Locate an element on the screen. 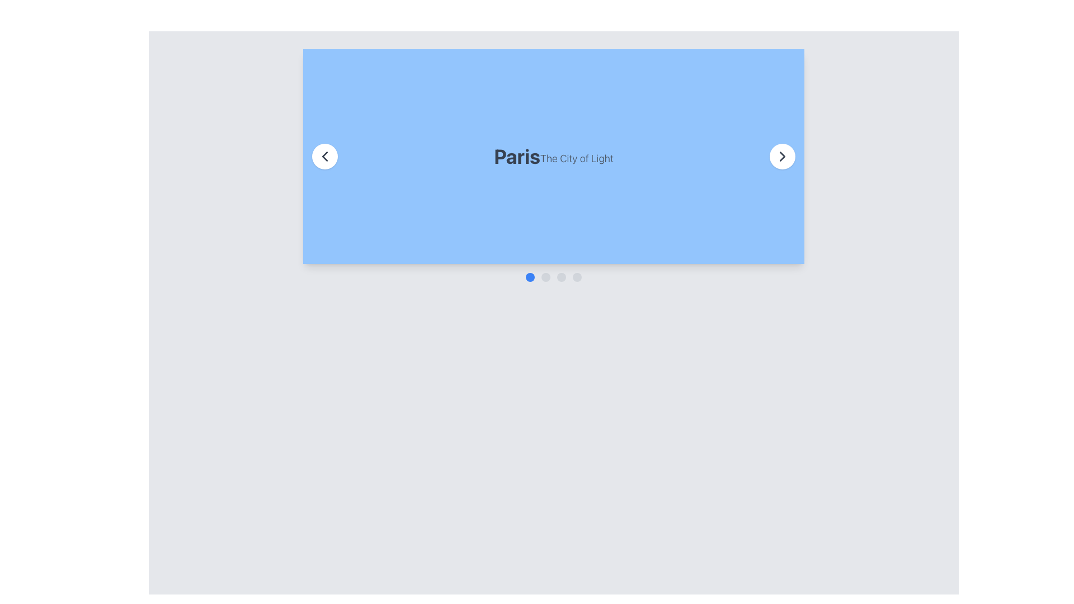 The height and width of the screenshot is (604, 1074). the prominently displayed text 'Paris' in large, bold, gray font is located at coordinates (516, 157).